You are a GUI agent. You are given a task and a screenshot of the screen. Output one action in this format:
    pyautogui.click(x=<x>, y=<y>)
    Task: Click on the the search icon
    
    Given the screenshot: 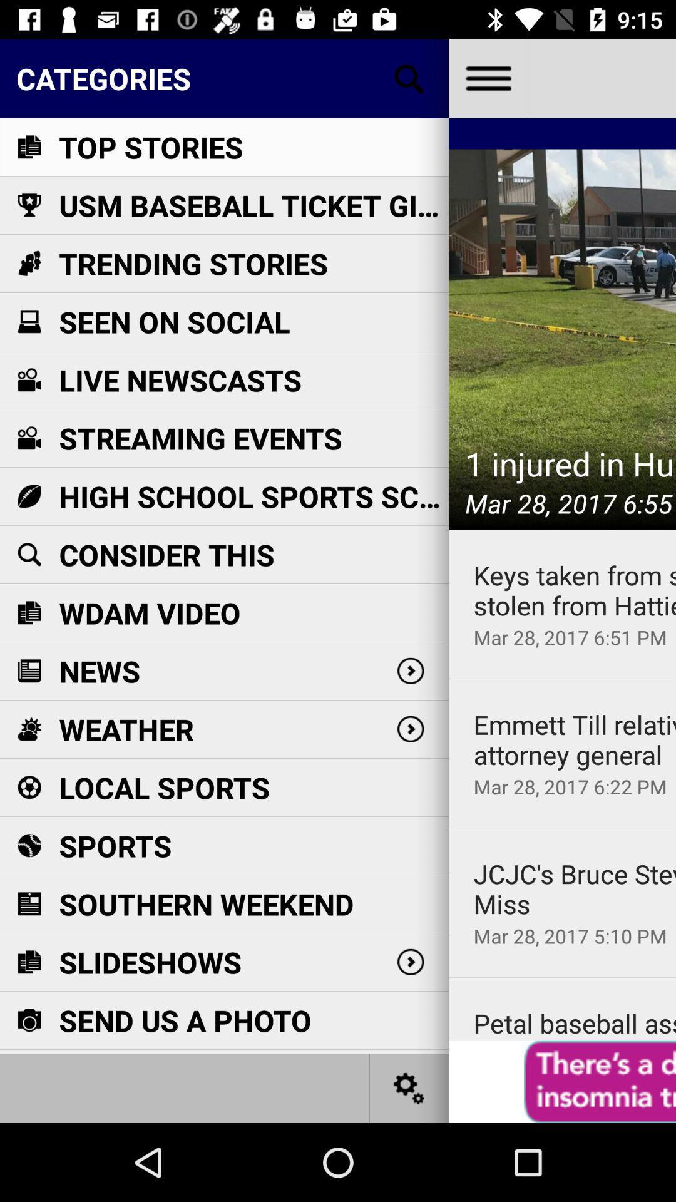 What is the action you would take?
    pyautogui.click(x=409, y=78)
    